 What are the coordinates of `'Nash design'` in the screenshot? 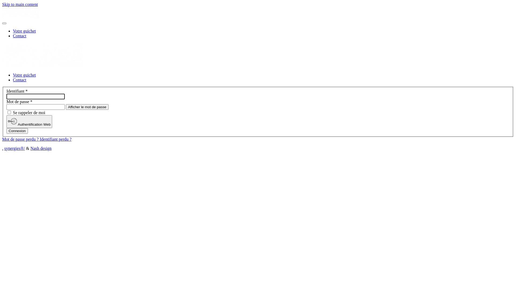 It's located at (41, 148).